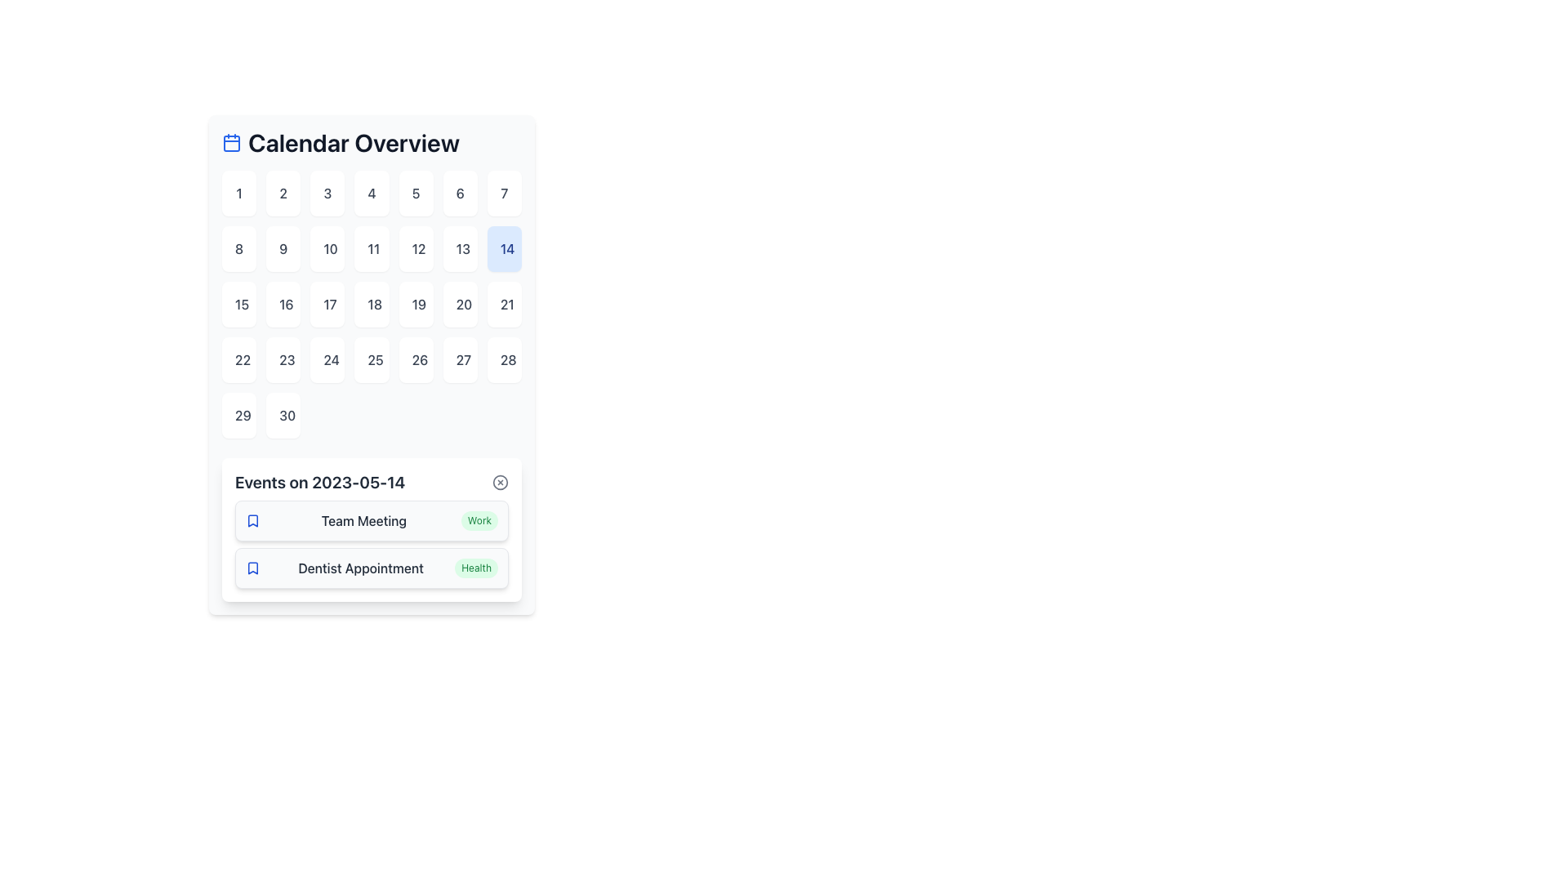 This screenshot has height=882, width=1568. What do you see at coordinates (371, 520) in the screenshot?
I see `the first event listing titled 'Team Meeting'` at bounding box center [371, 520].